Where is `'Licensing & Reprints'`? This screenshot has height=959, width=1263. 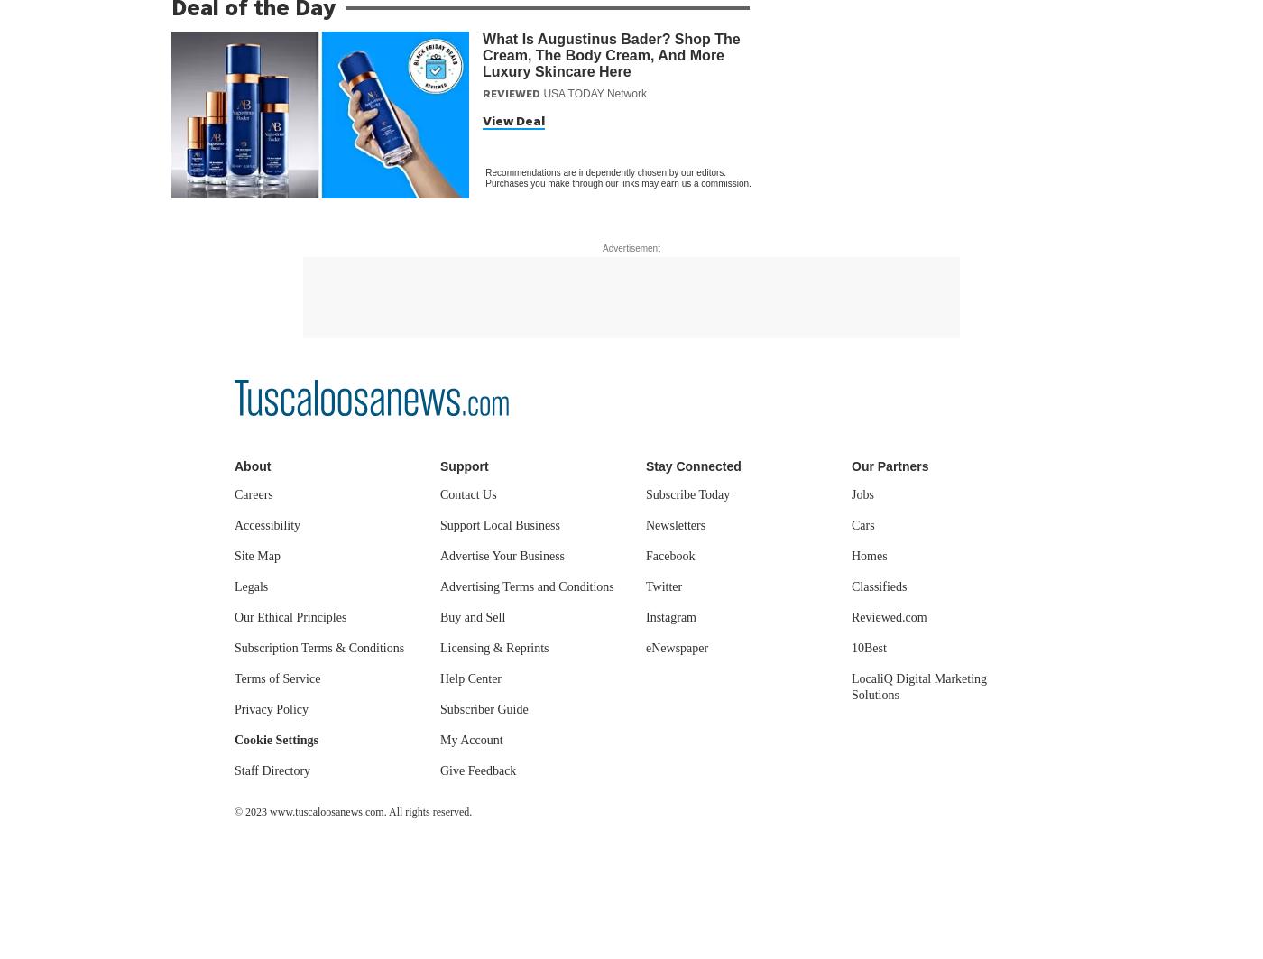 'Licensing & Reprints' is located at coordinates (493, 647).